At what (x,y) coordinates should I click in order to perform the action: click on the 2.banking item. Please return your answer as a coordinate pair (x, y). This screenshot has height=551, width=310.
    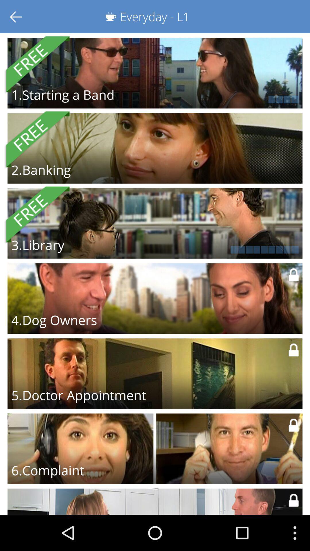
    Looking at the image, I should click on (41, 169).